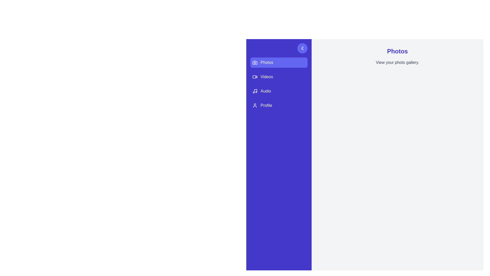 This screenshot has width=490, height=276. I want to click on the 'Photos' button, which is the first button in the navigation menu, so click(279, 62).